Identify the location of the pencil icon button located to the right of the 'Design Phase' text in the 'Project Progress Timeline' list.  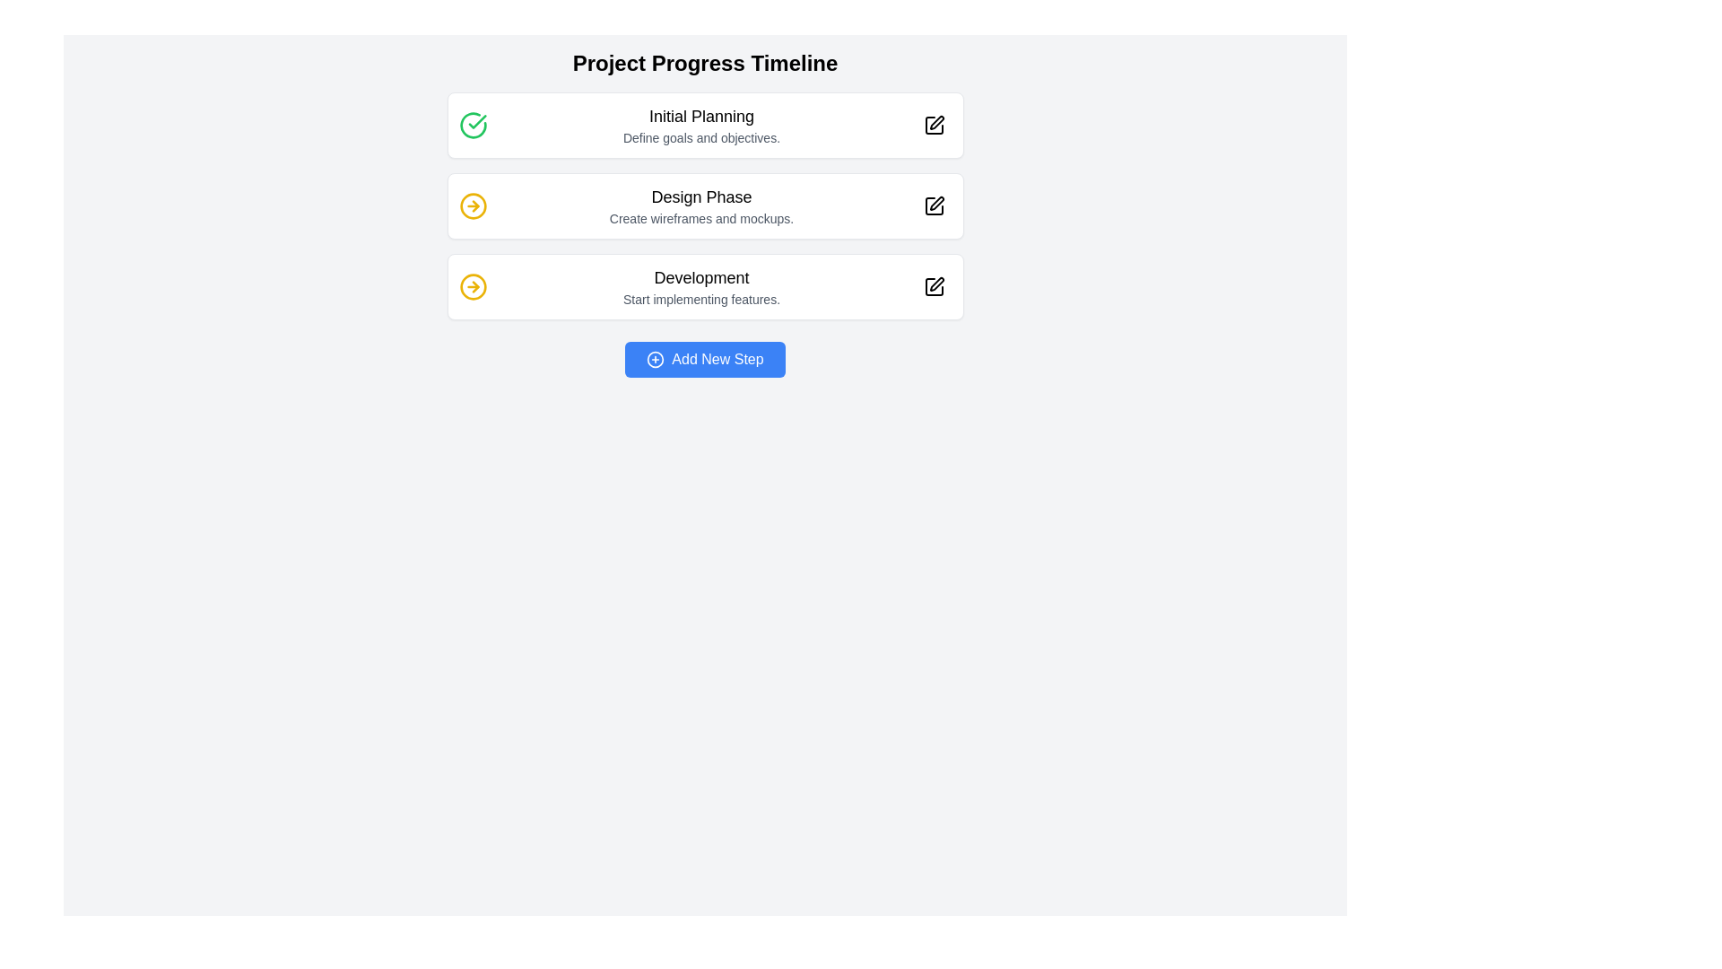
(933, 205).